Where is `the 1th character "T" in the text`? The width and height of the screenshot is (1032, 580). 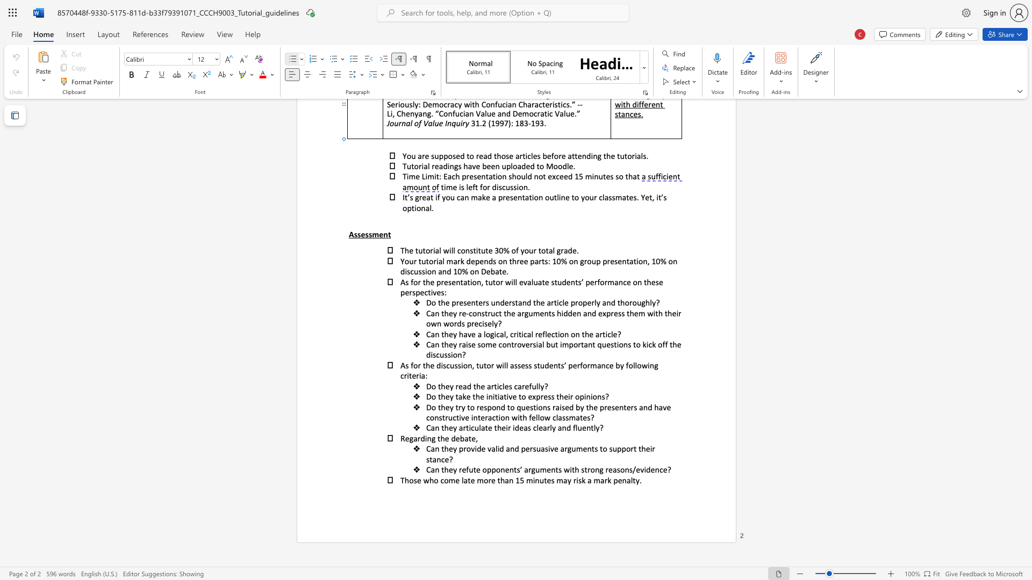
the 1th character "T" in the text is located at coordinates (402, 480).